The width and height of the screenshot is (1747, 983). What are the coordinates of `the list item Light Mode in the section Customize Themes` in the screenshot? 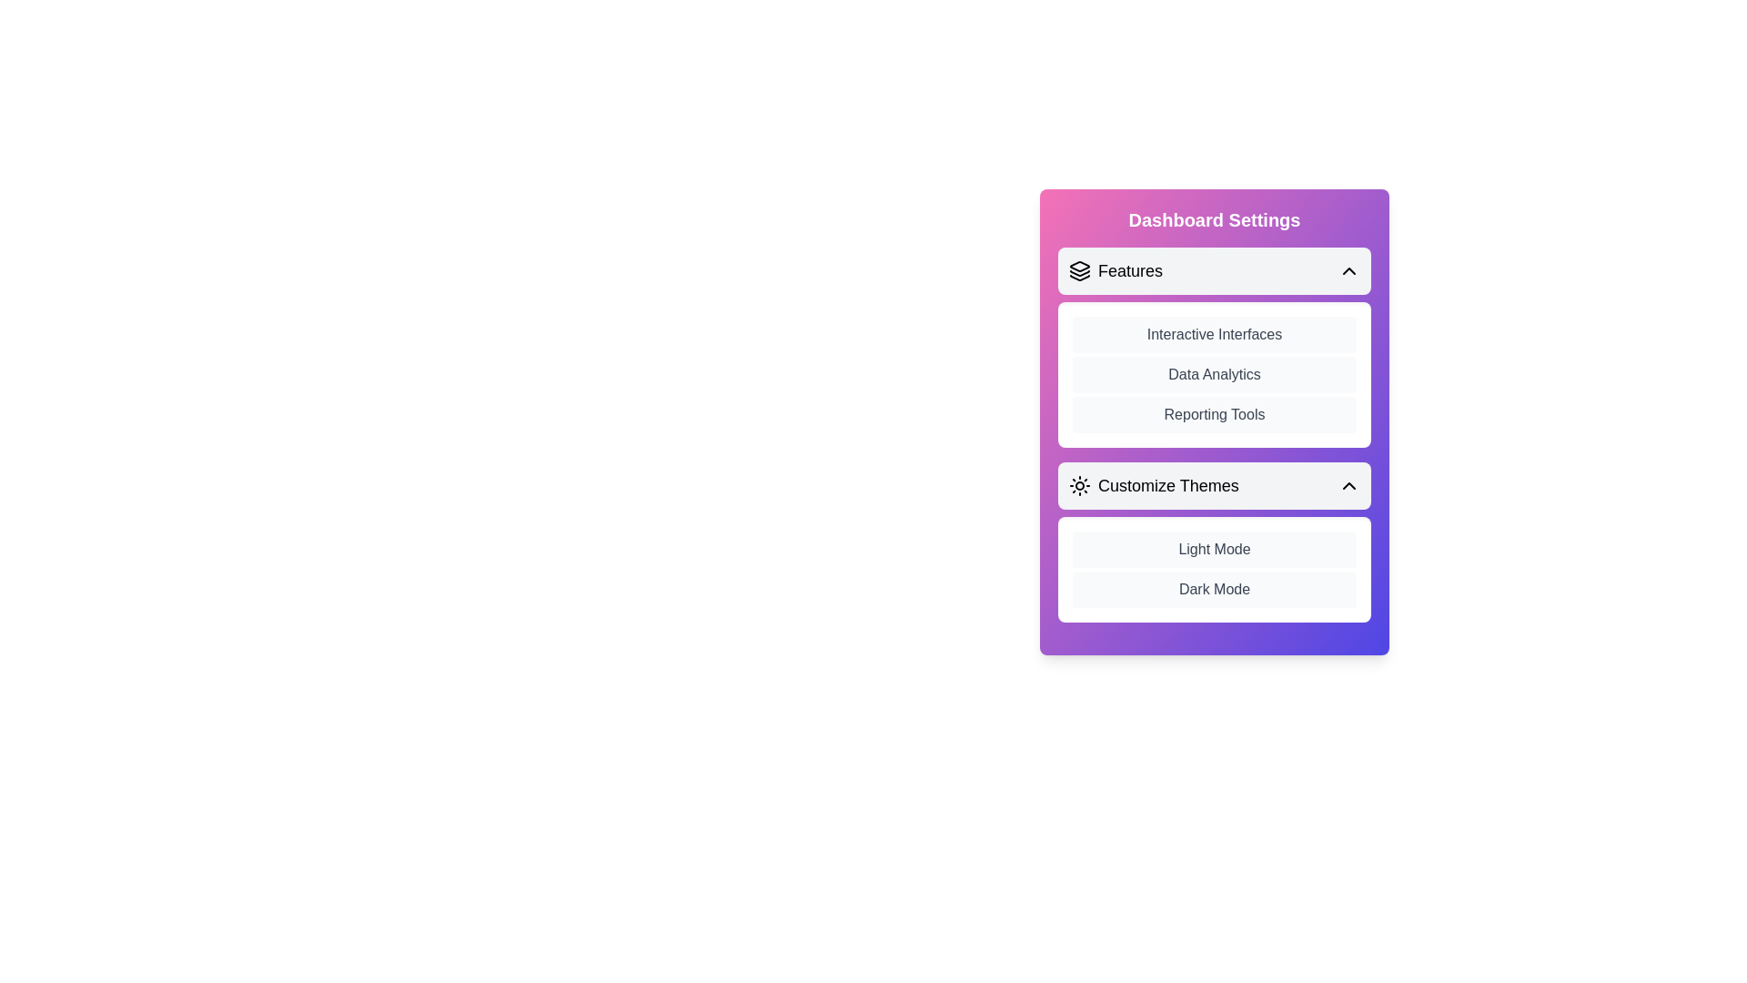 It's located at (1214, 549).